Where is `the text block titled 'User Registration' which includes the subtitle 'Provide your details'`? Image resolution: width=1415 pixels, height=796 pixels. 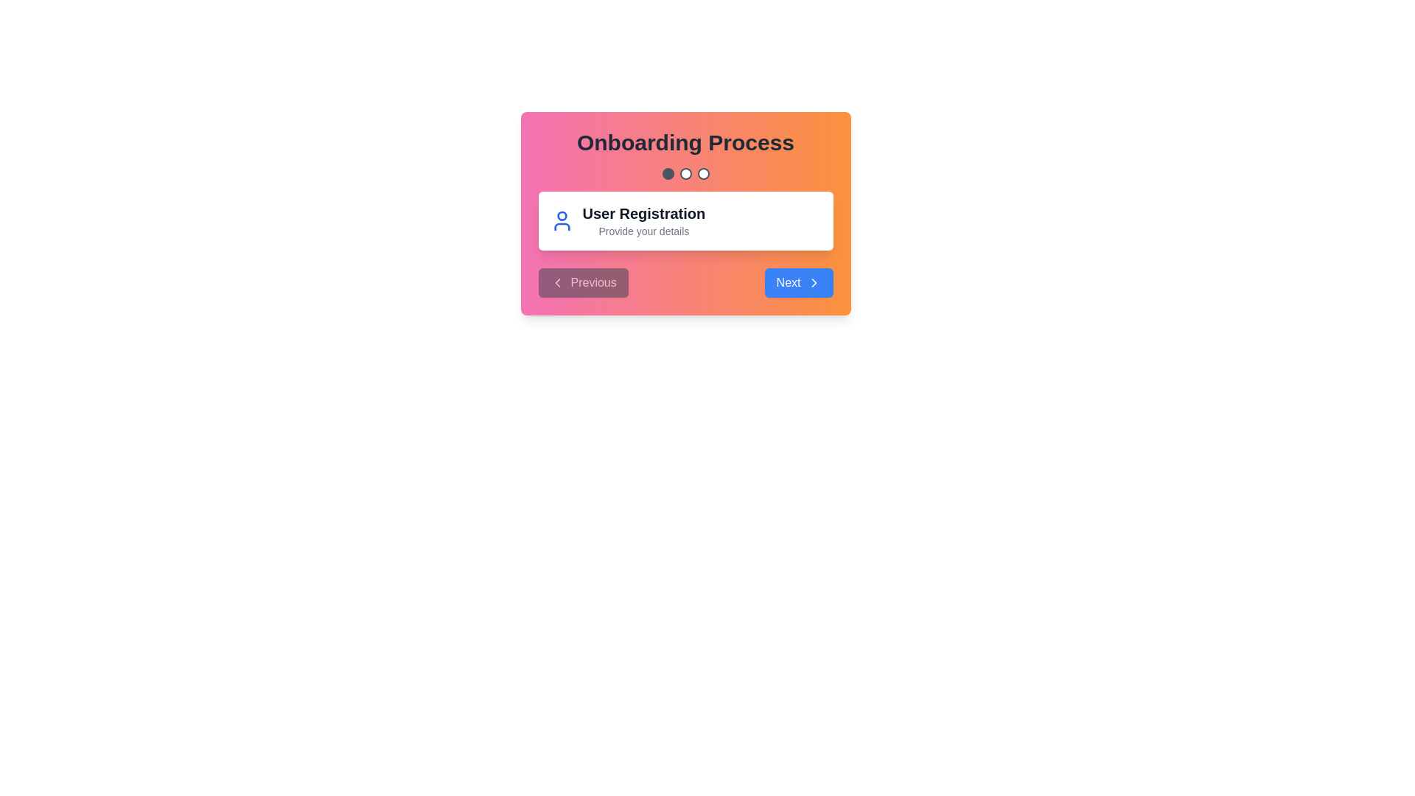 the text block titled 'User Registration' which includes the subtitle 'Provide your details' is located at coordinates (643, 221).